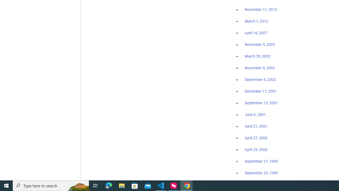  I want to click on 'April 16, 2007', so click(256, 33).